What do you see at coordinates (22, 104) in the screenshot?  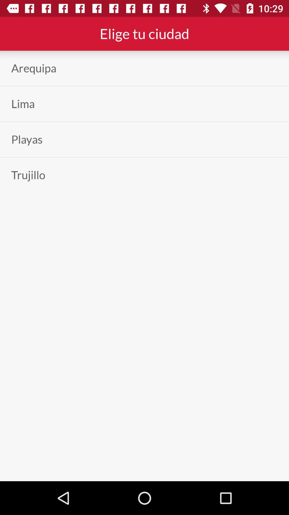 I see `the lima item` at bounding box center [22, 104].